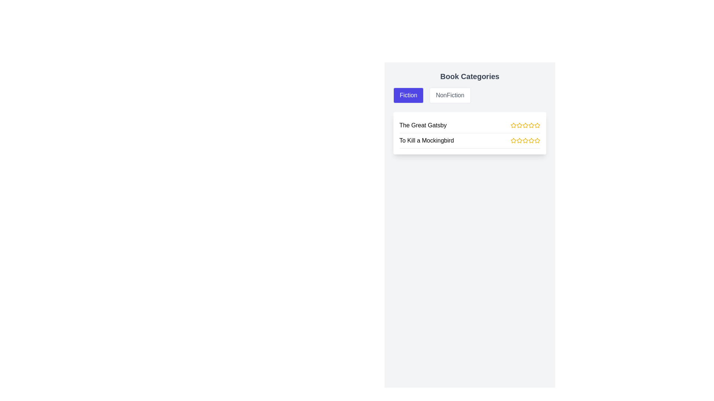 This screenshot has width=714, height=401. What do you see at coordinates (519, 125) in the screenshot?
I see `the third star icon in the rating system for 'The Great Gatsby'` at bounding box center [519, 125].